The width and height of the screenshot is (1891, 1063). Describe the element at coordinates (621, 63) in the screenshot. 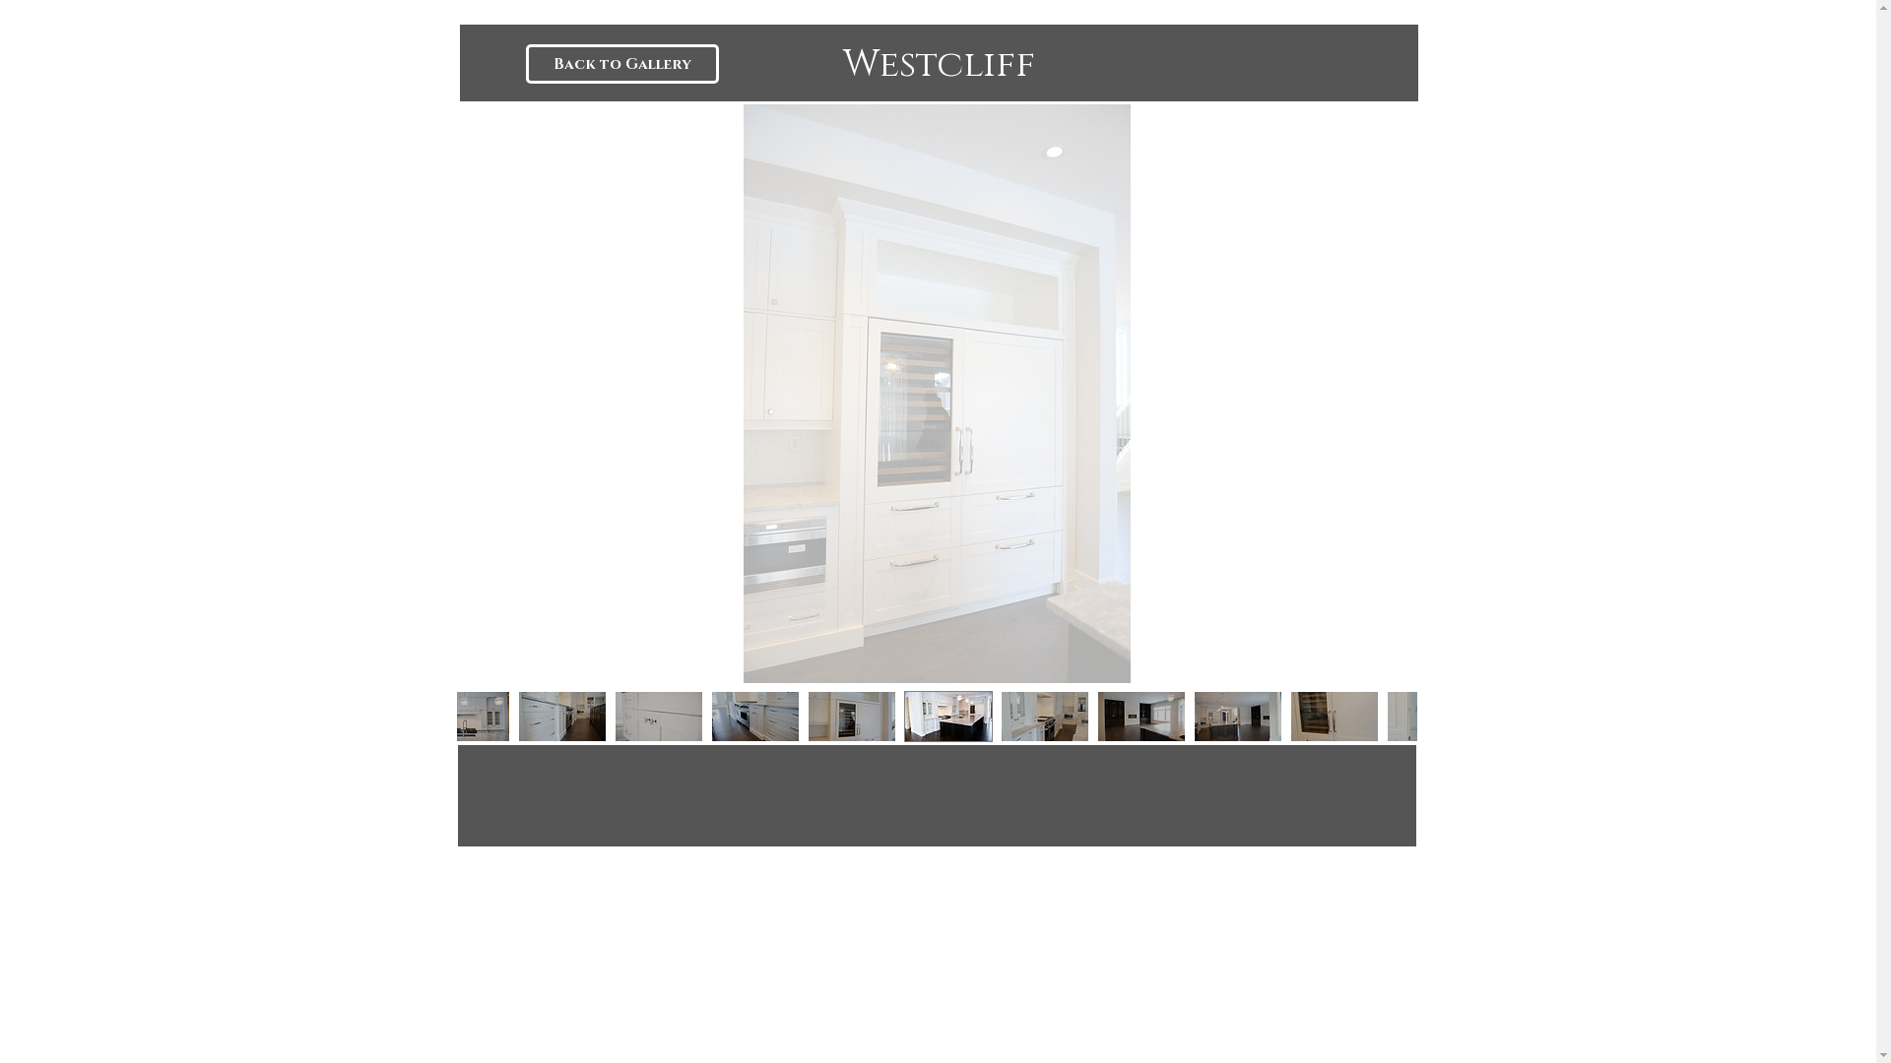

I see `'Back to Gallery'` at that location.